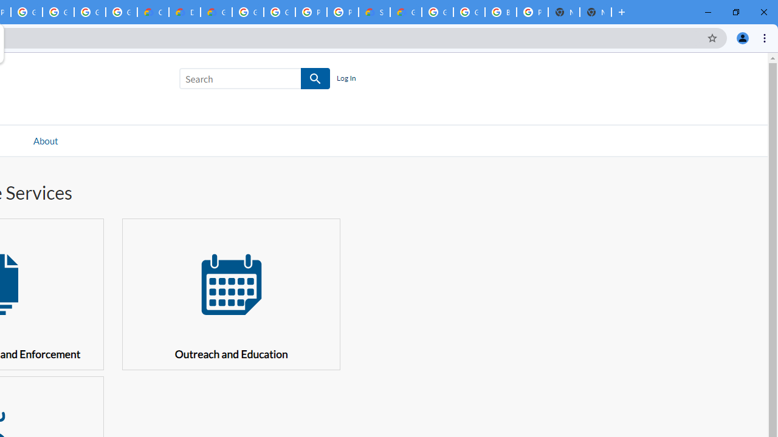  I want to click on 'Google Cloud Platform', so click(247, 12).